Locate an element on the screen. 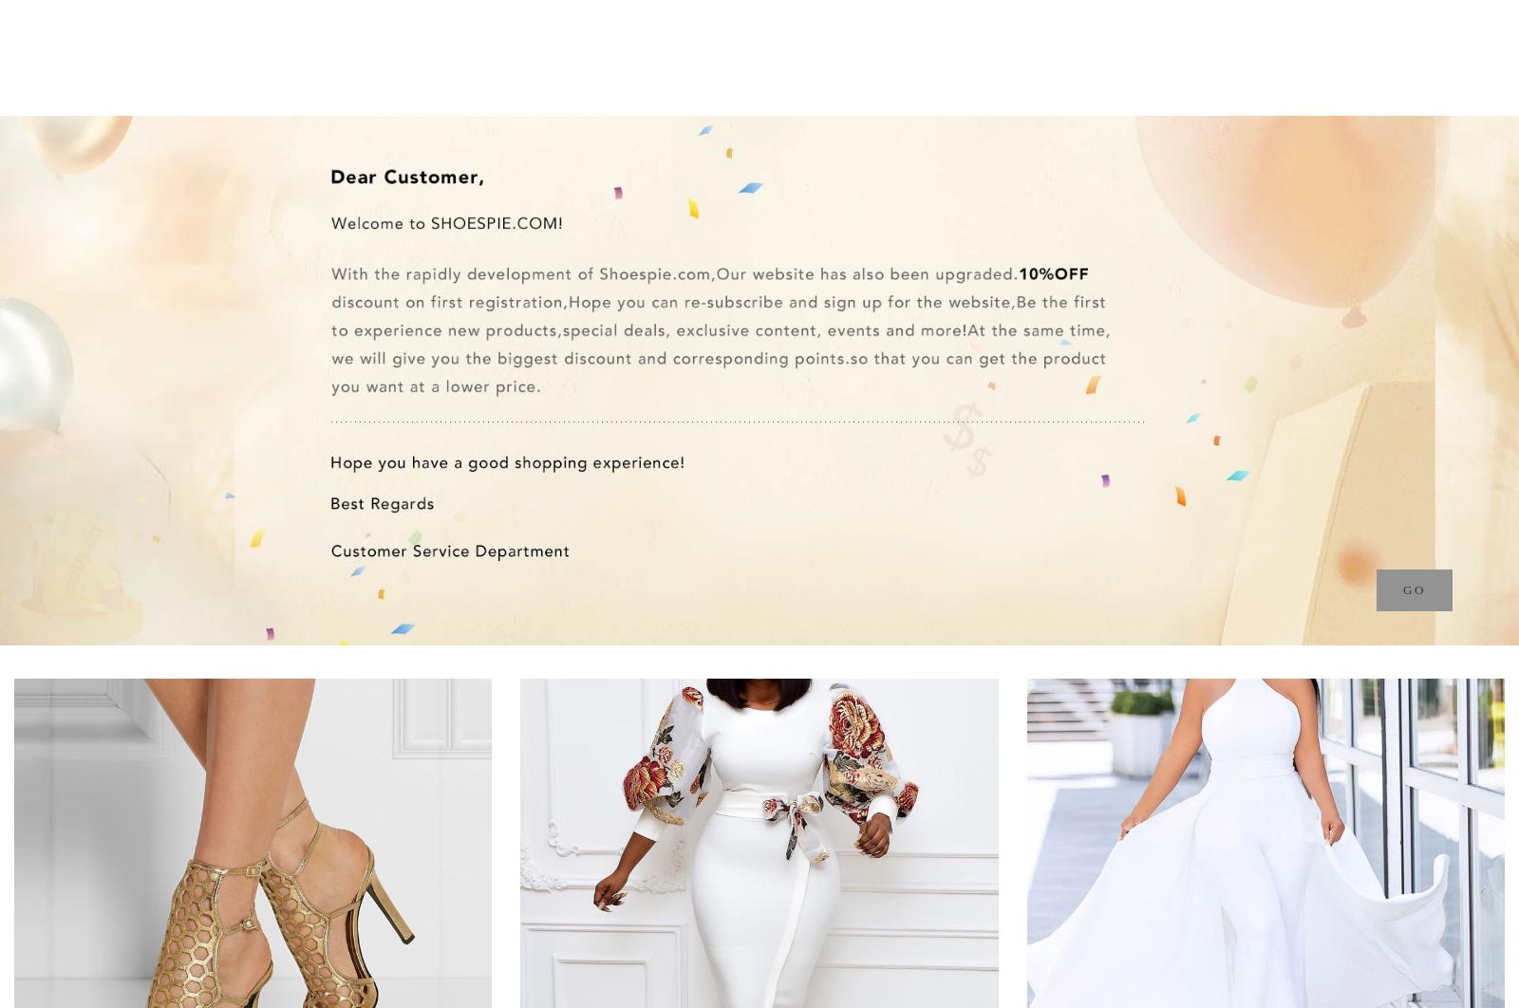 Image resolution: width=1519 pixels, height=1008 pixels. 'Outerwears & Coats' is located at coordinates (1078, 225).